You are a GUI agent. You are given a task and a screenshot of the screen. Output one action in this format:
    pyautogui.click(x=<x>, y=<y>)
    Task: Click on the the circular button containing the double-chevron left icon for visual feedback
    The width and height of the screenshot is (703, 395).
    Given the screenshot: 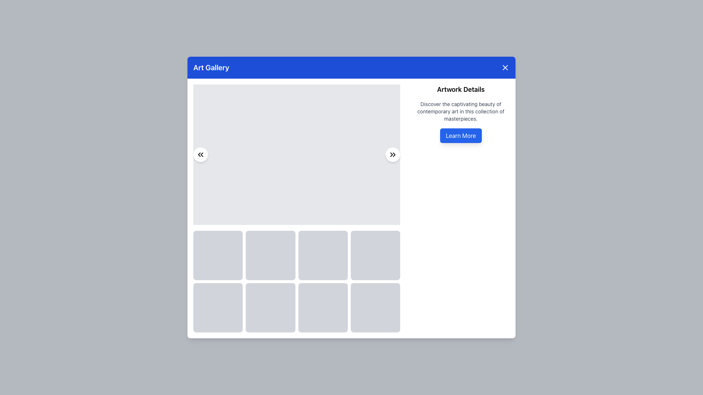 What is the action you would take?
    pyautogui.click(x=200, y=154)
    